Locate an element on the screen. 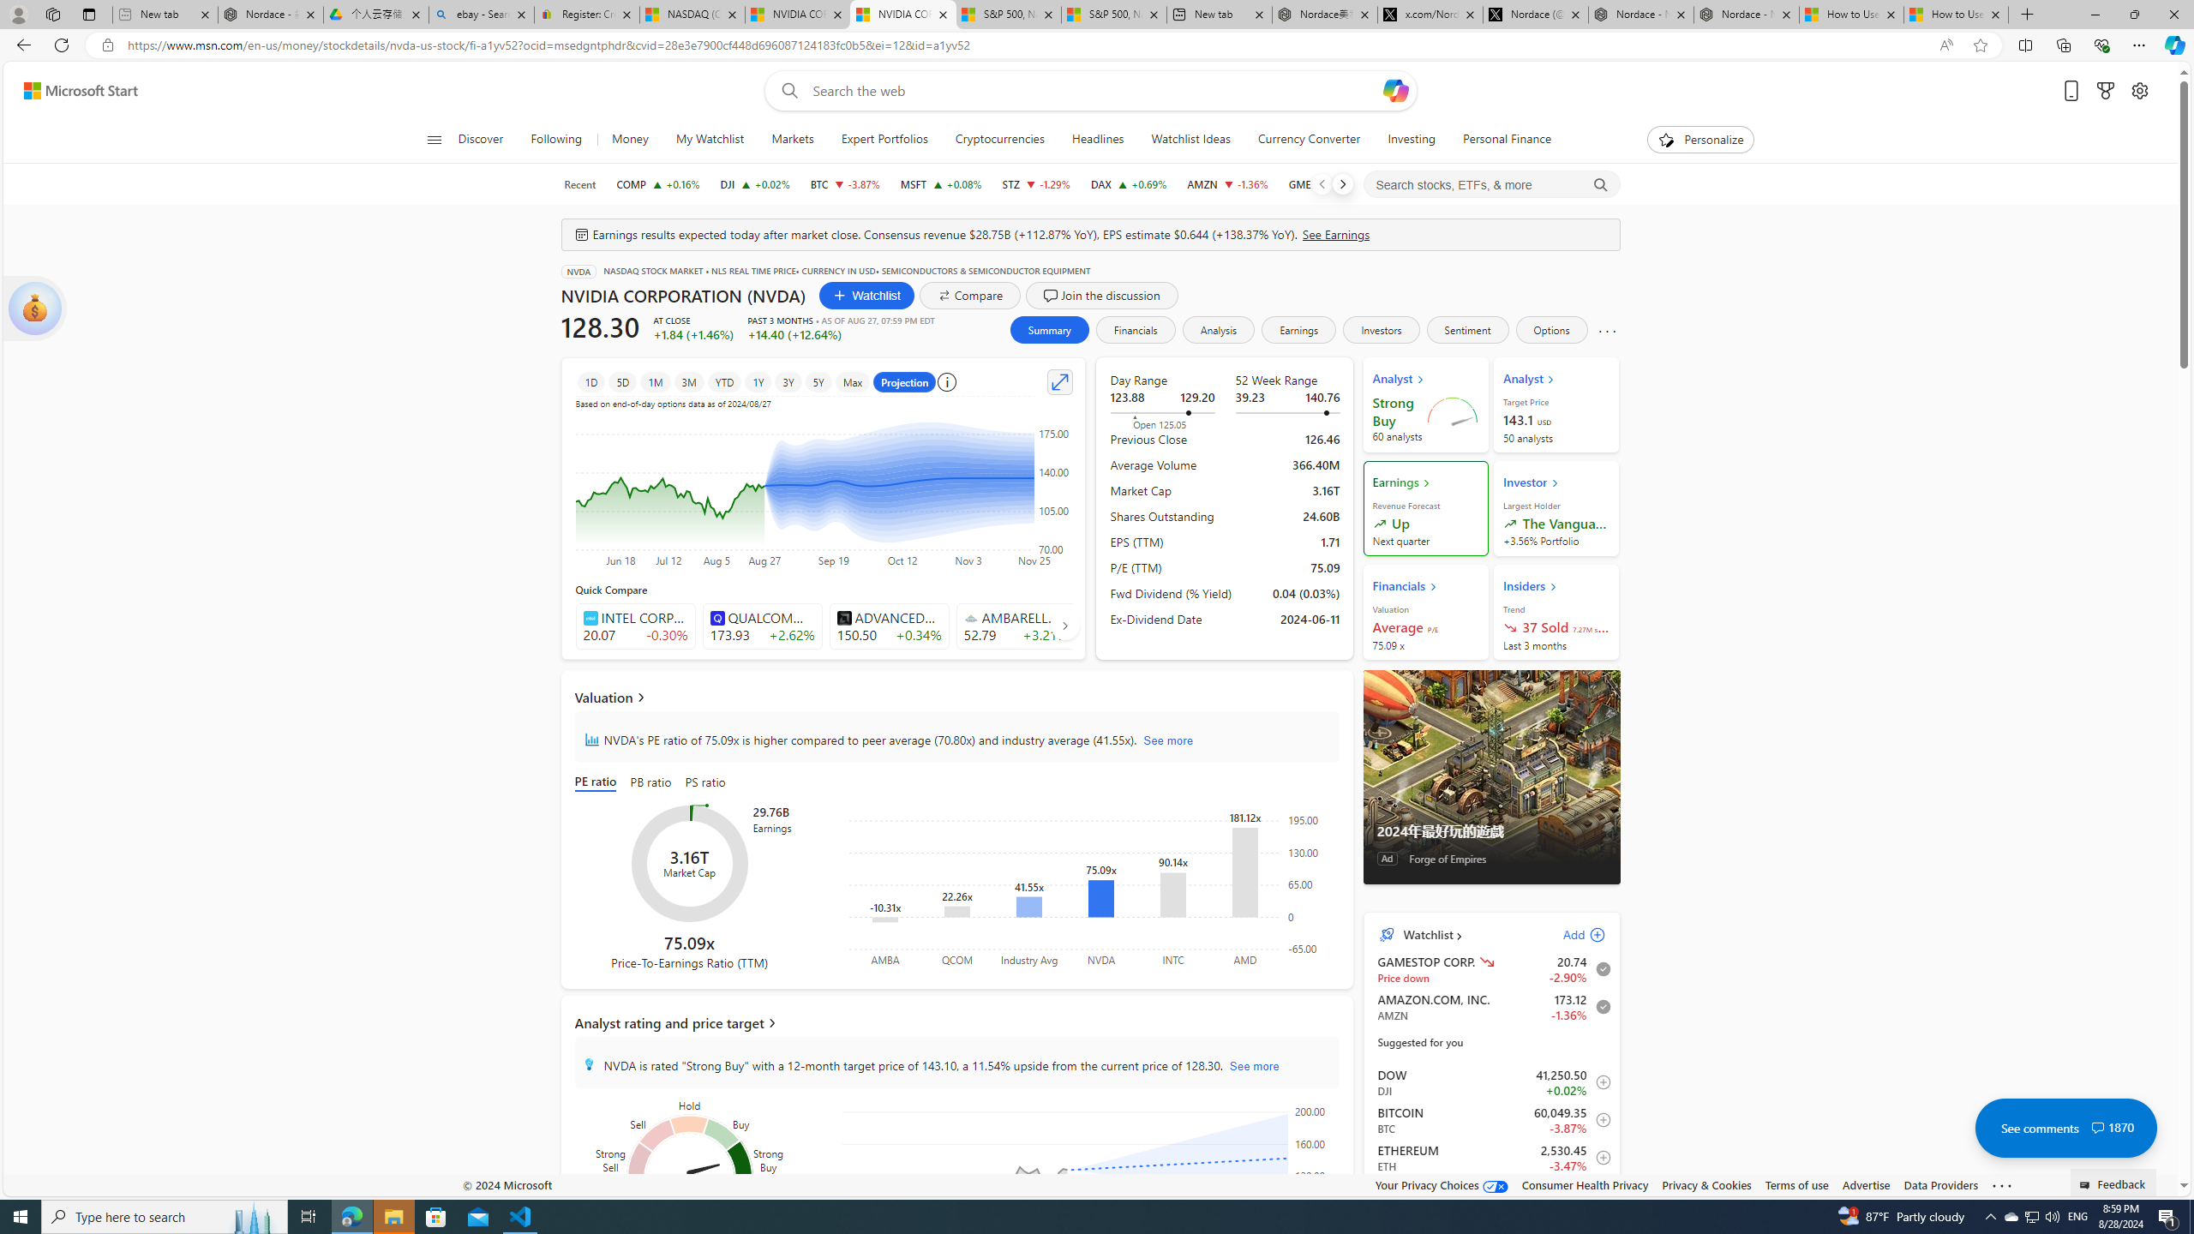 The width and height of the screenshot is (2194, 1234). 'Recent' is located at coordinates (579, 183).